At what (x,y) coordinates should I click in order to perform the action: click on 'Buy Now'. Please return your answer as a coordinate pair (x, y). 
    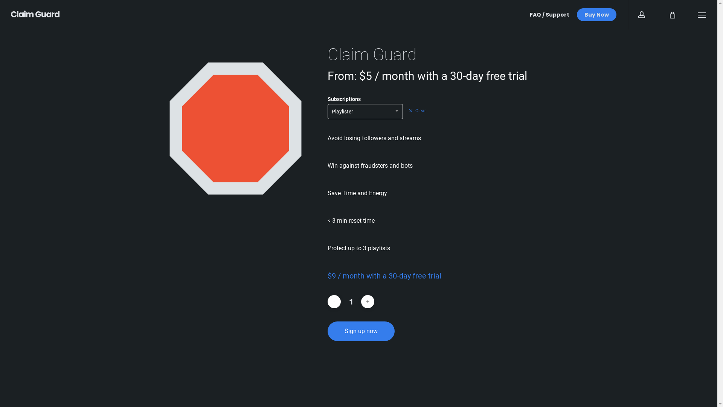
    Looking at the image, I should click on (596, 14).